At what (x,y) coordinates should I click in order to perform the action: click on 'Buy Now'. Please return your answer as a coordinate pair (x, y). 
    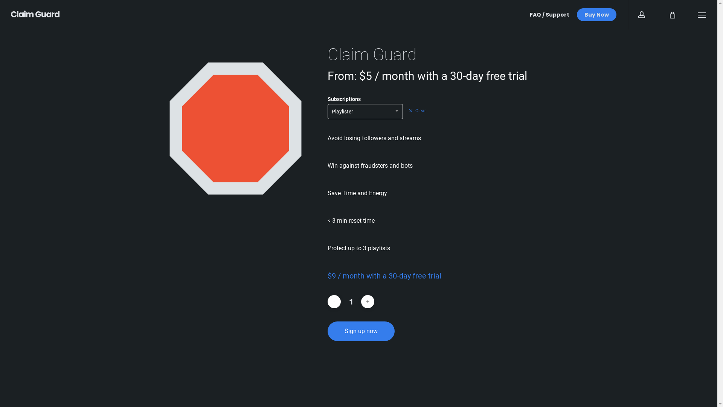
    Looking at the image, I should click on (596, 14).